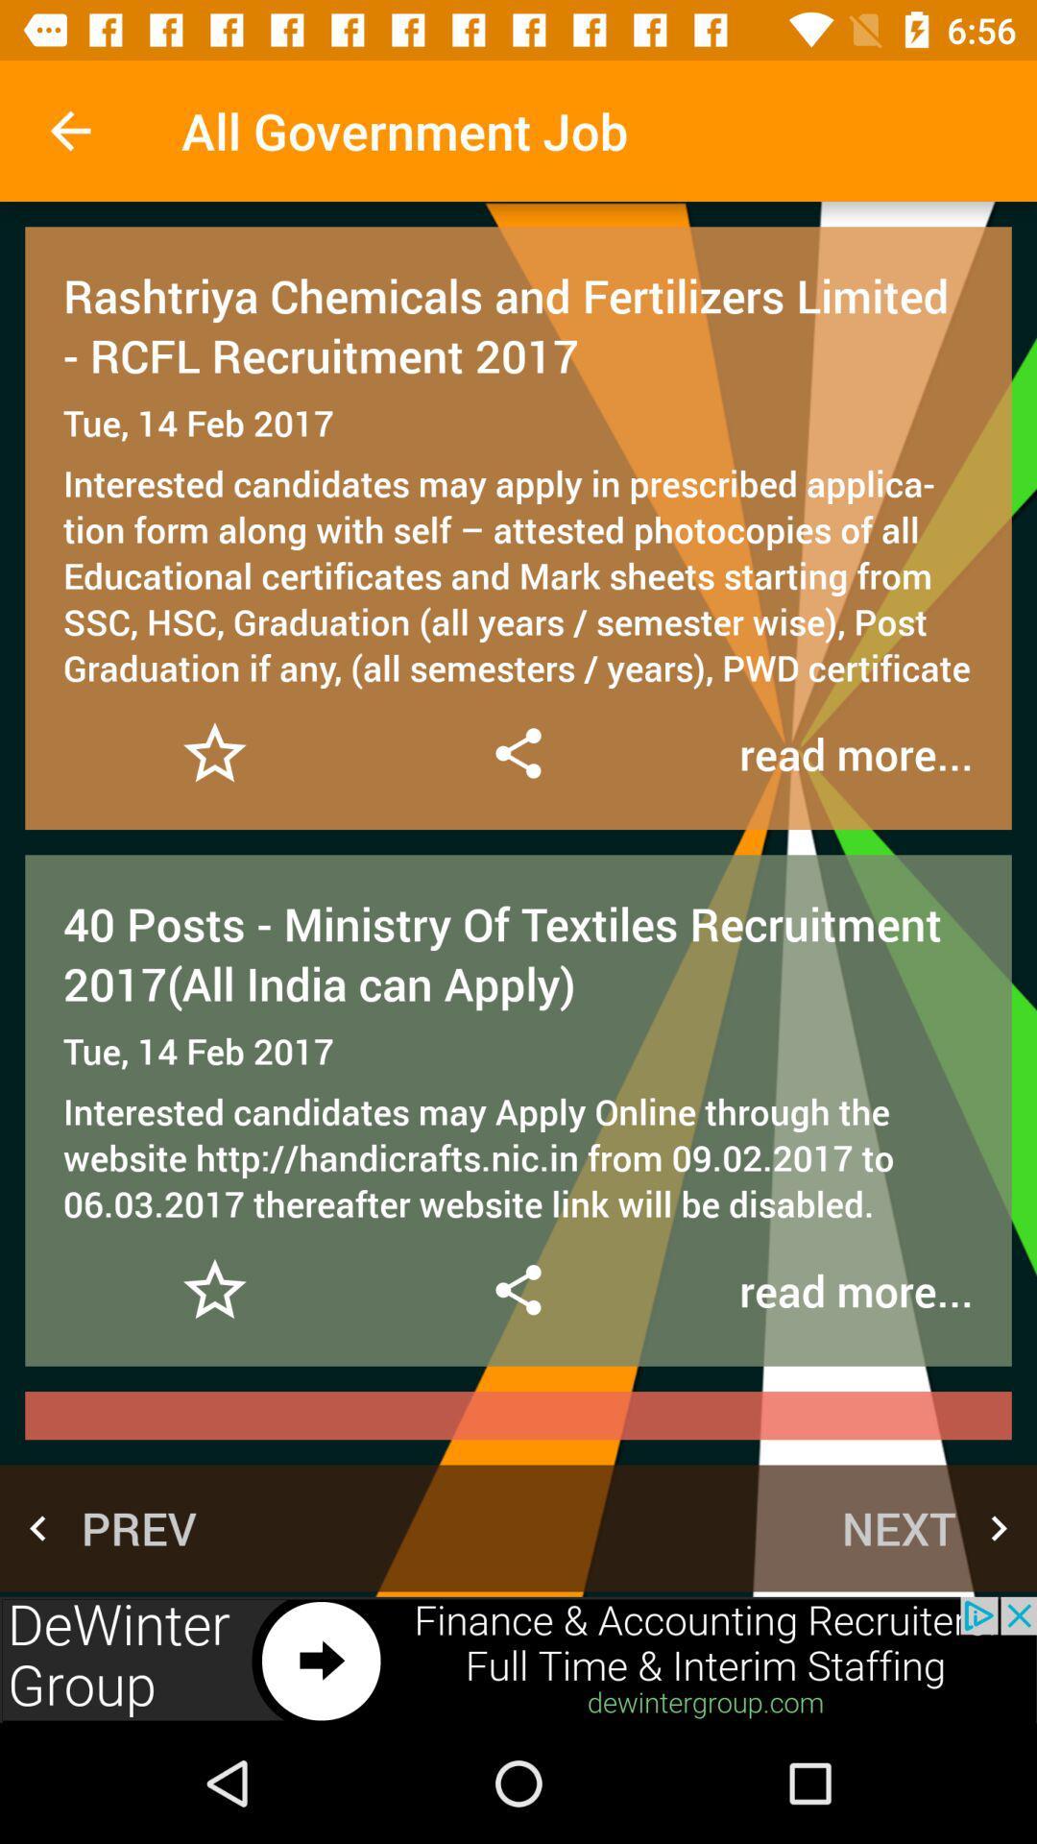 The image size is (1037, 1844). I want to click on sear, so click(517, 752).